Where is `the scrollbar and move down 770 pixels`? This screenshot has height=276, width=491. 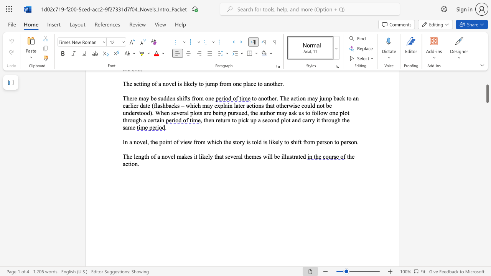 the scrollbar and move down 770 pixels is located at coordinates (487, 94).